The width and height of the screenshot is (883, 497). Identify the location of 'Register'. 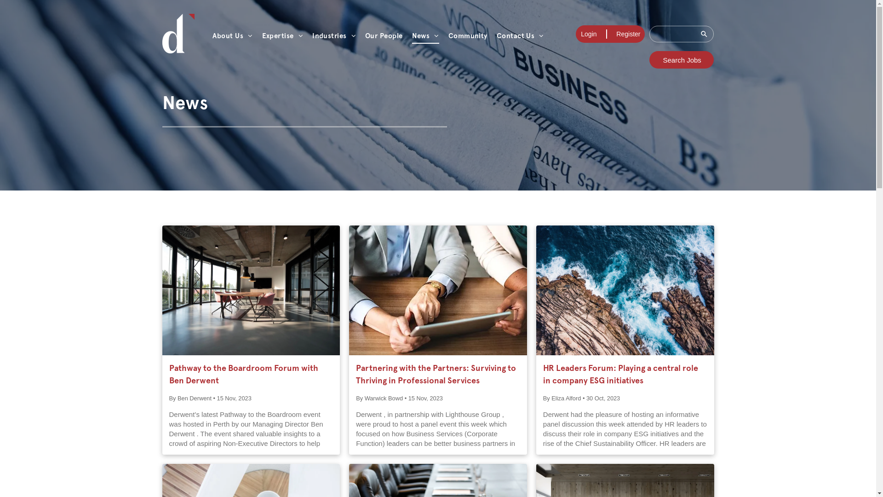
(628, 33).